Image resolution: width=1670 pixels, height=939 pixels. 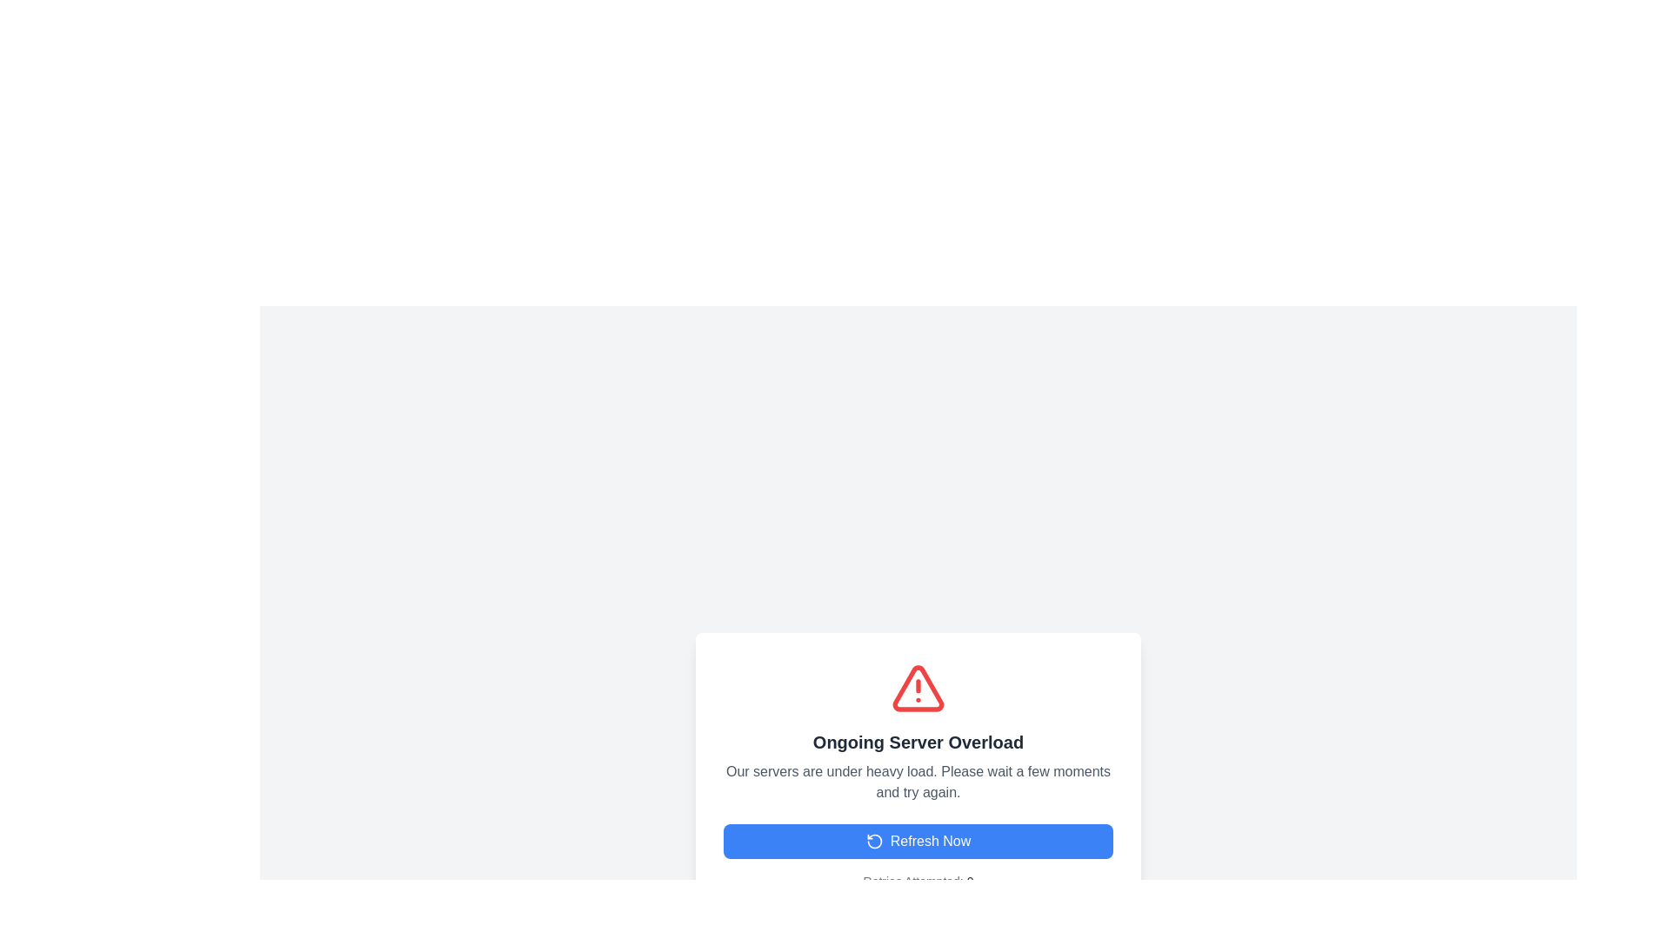 What do you see at coordinates (918, 781) in the screenshot?
I see `the text message that reads 'Our servers are under heavy load. Please wait a few moments and try again.', which is styled with centered alignment and gray color, located below the title 'Ongoing Server Overload'` at bounding box center [918, 781].